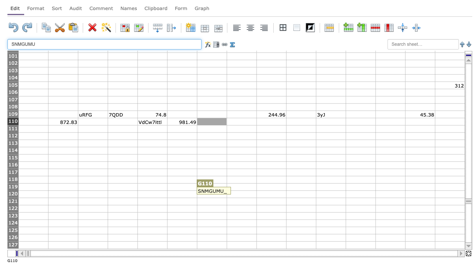 This screenshot has width=476, height=268. I want to click on on J120, so click(301, 194).